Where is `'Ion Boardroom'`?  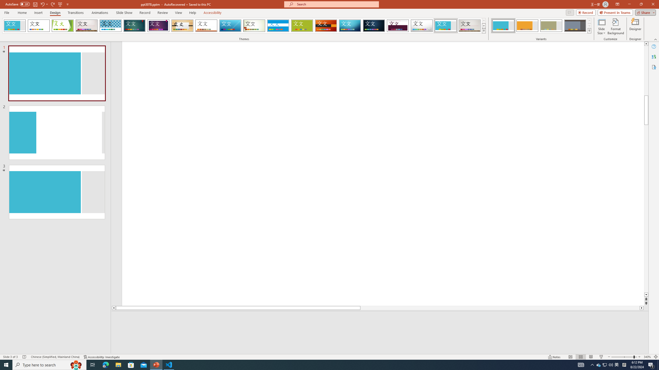 'Ion Boardroom' is located at coordinates (158, 25).